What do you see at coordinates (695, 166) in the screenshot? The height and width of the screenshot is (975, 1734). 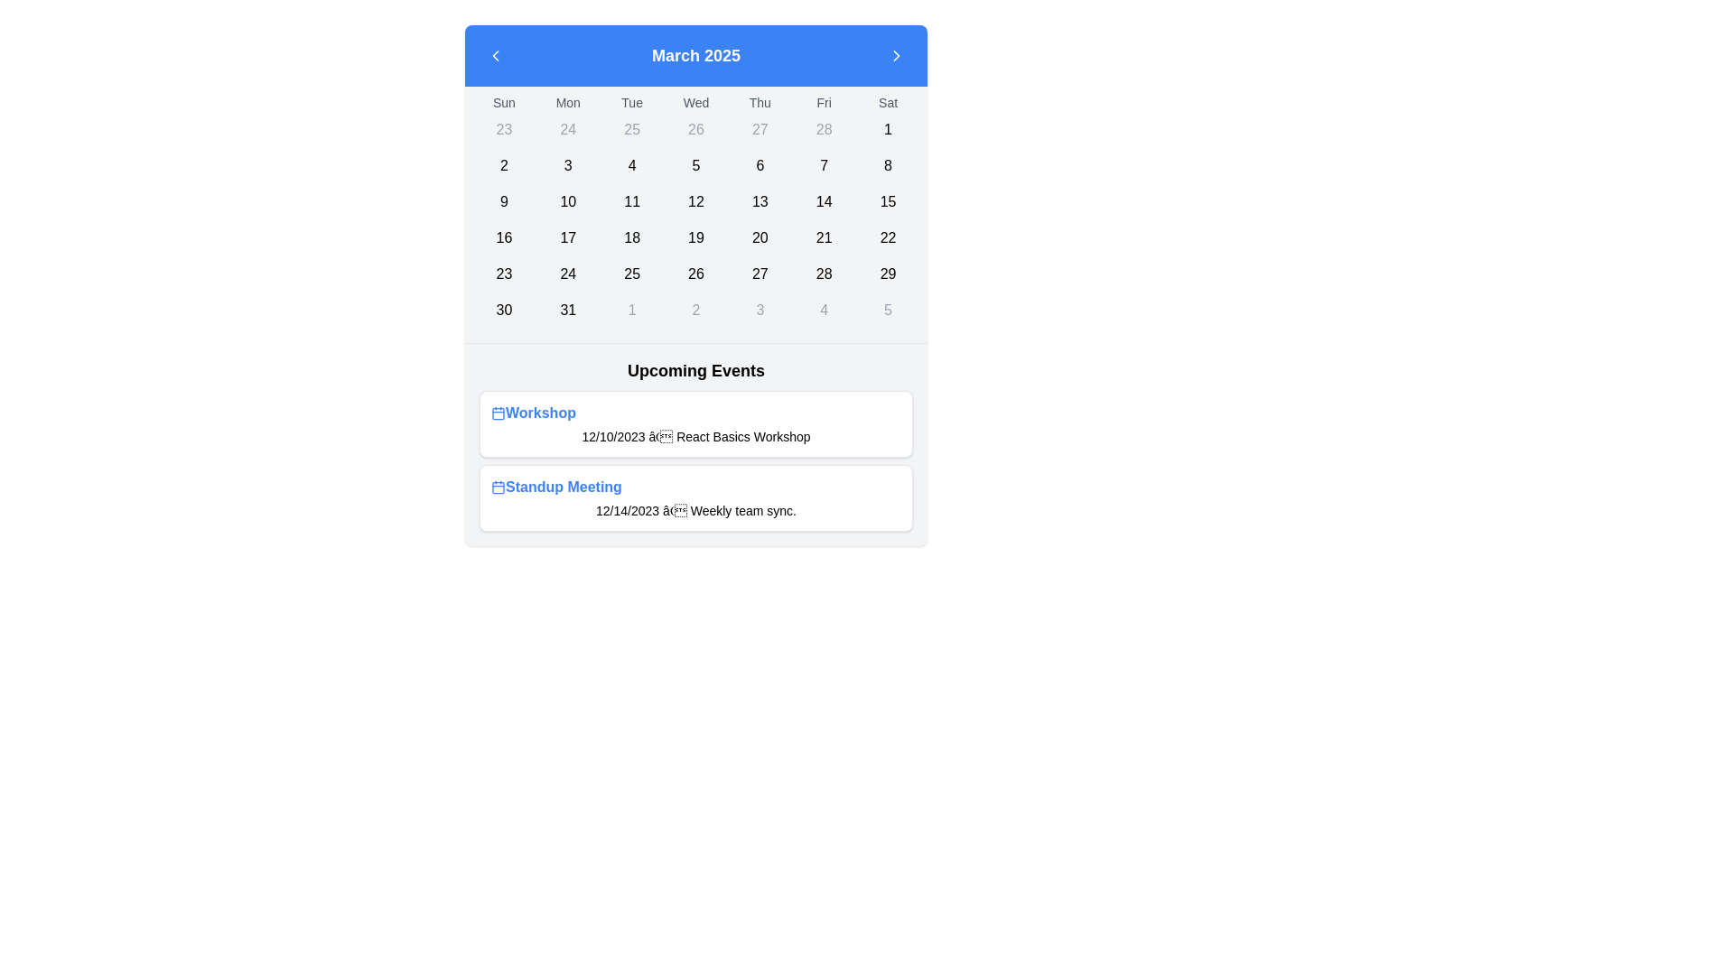 I see `the calendar day cell representing the date '5' in the March 2025 calendar, located in the third row and fourth column` at bounding box center [695, 166].